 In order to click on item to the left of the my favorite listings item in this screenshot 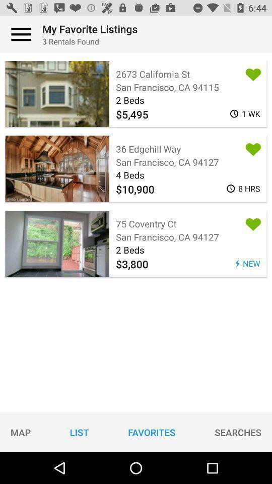, I will do `click(21, 34)`.